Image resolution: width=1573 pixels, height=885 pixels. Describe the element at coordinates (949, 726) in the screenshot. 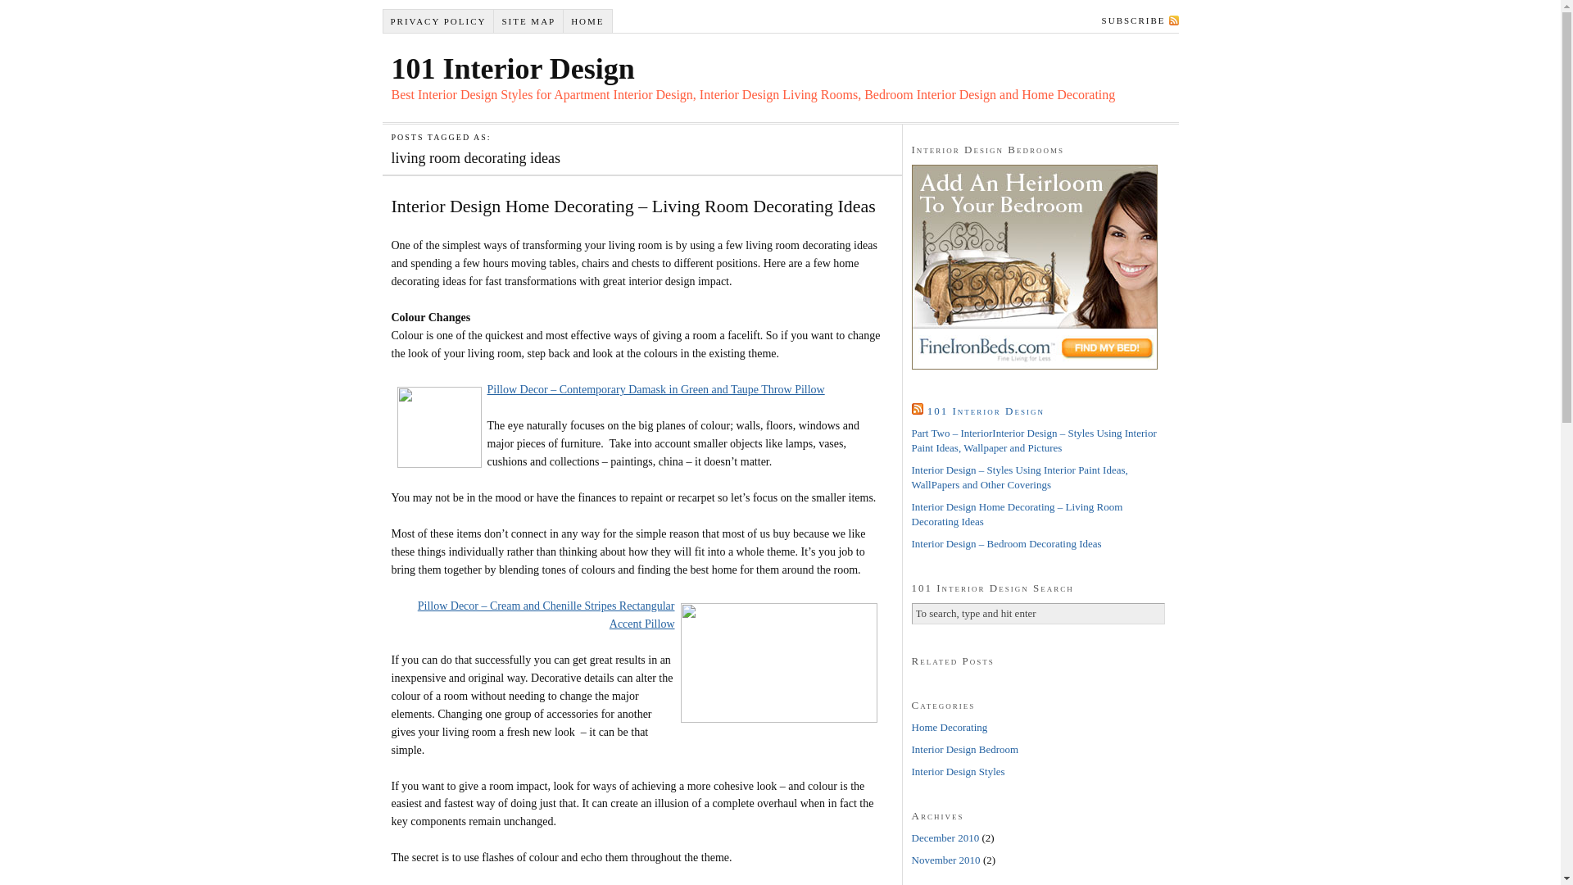

I see `'Home Decorating'` at that location.